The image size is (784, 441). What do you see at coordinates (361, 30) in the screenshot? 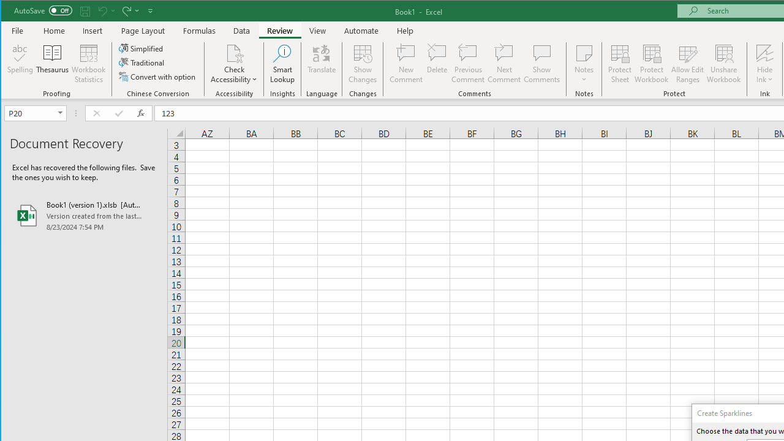
I see `'Automate'` at bounding box center [361, 30].